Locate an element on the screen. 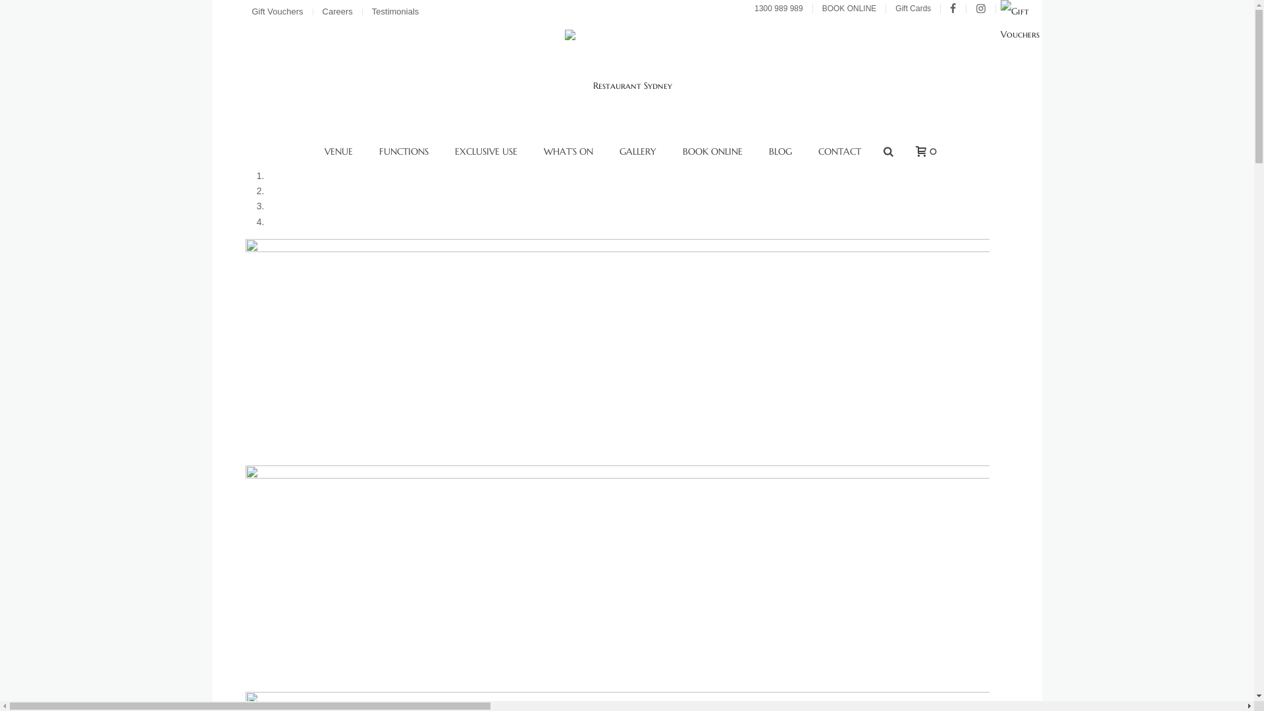 Image resolution: width=1264 pixels, height=711 pixels. 'fireworks23wh' is located at coordinates (616, 352).